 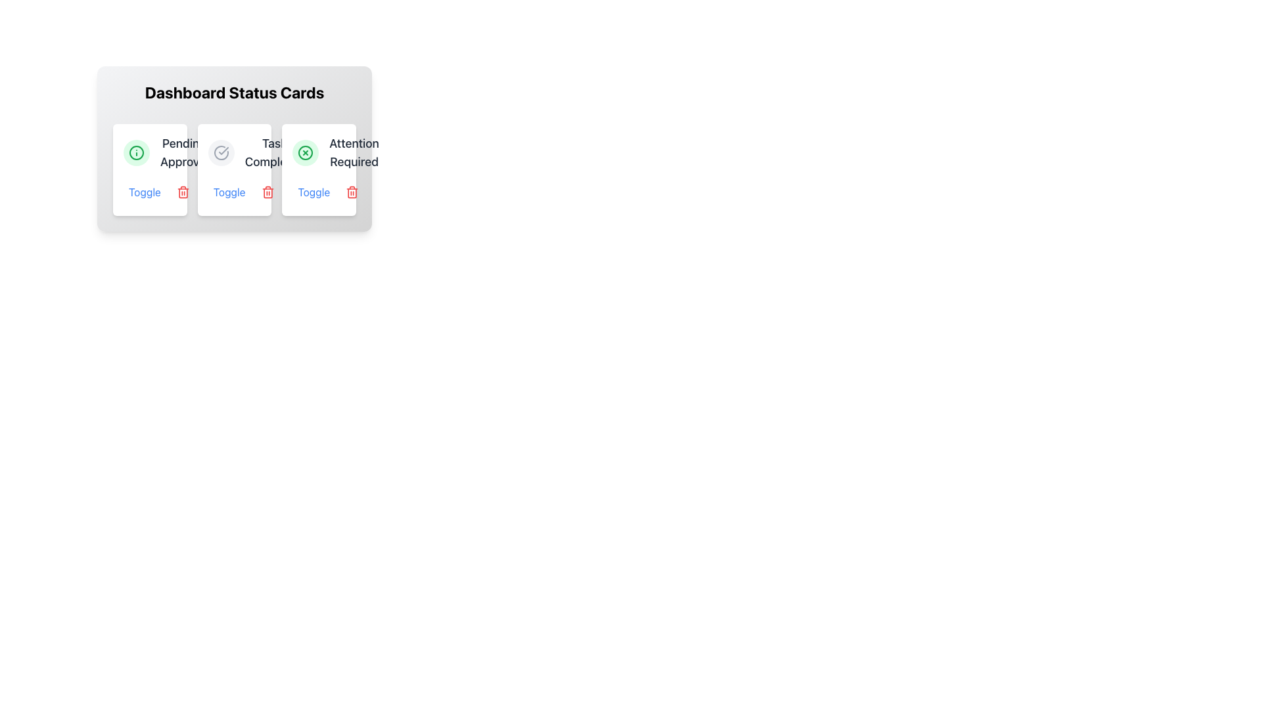 What do you see at coordinates (234, 192) in the screenshot?
I see `the toggle button located at the bottom middle section of the 'Task Completed' card to trigger interaction effects` at bounding box center [234, 192].